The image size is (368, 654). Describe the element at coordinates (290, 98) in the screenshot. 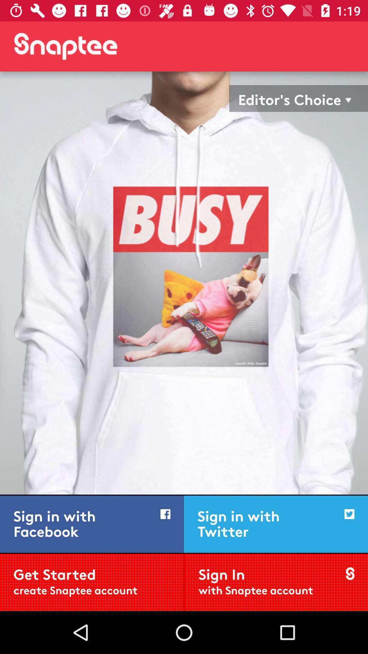

I see `the editor's choice item` at that location.